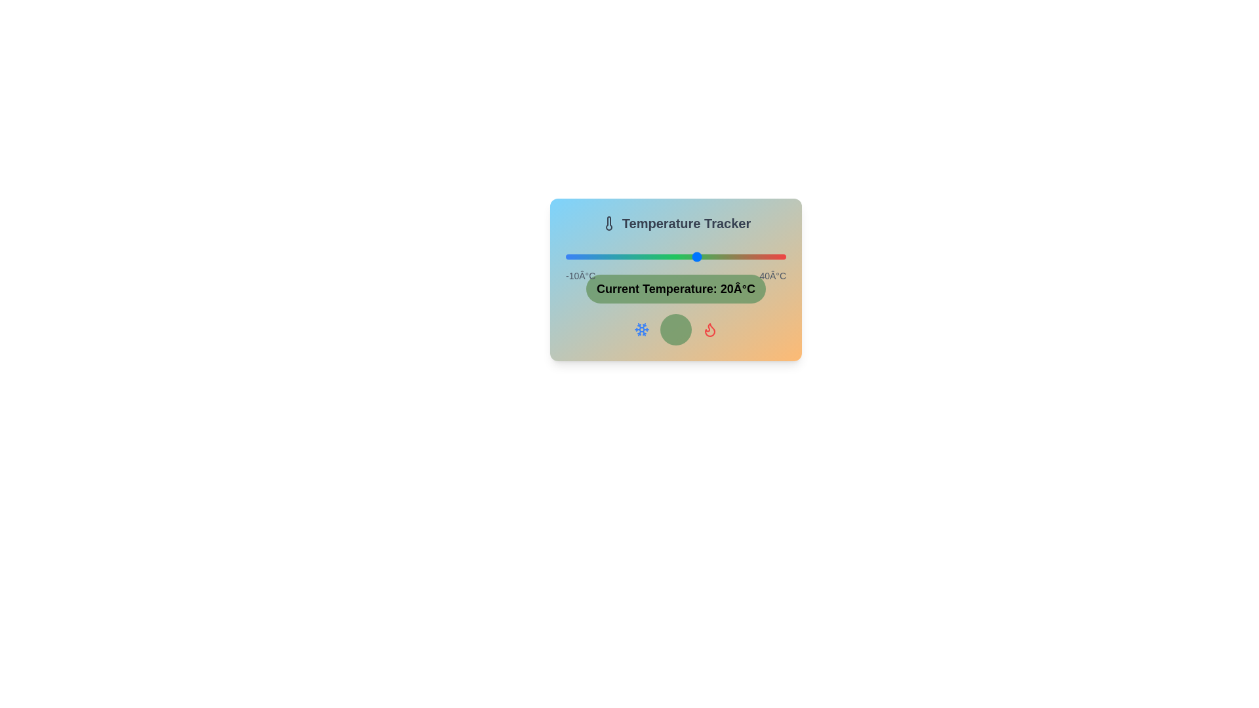 This screenshot has height=708, width=1259. I want to click on the temperature slider to set the temperature to 16°C, so click(680, 257).